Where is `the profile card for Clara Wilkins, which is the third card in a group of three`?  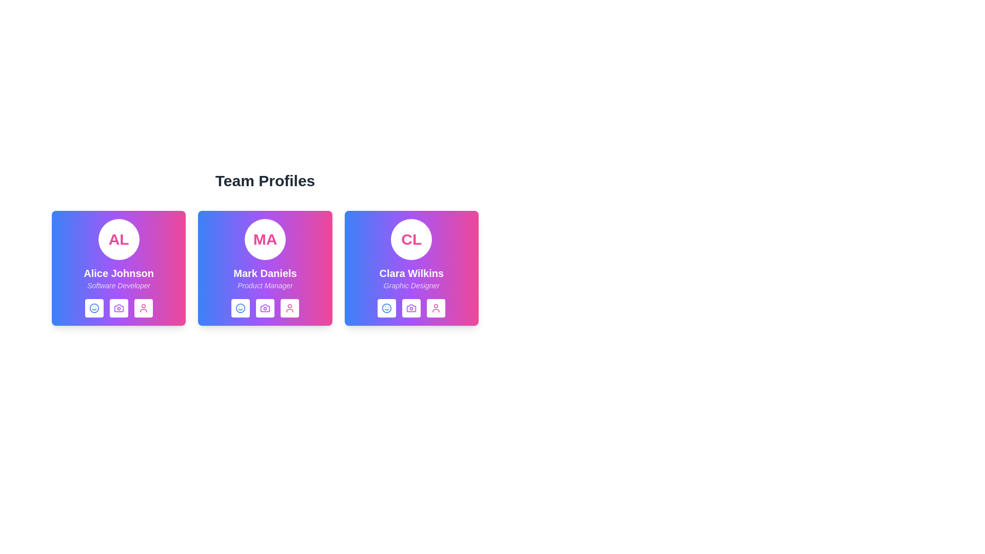
the profile card for Clara Wilkins, which is the third card in a group of three is located at coordinates (411, 268).